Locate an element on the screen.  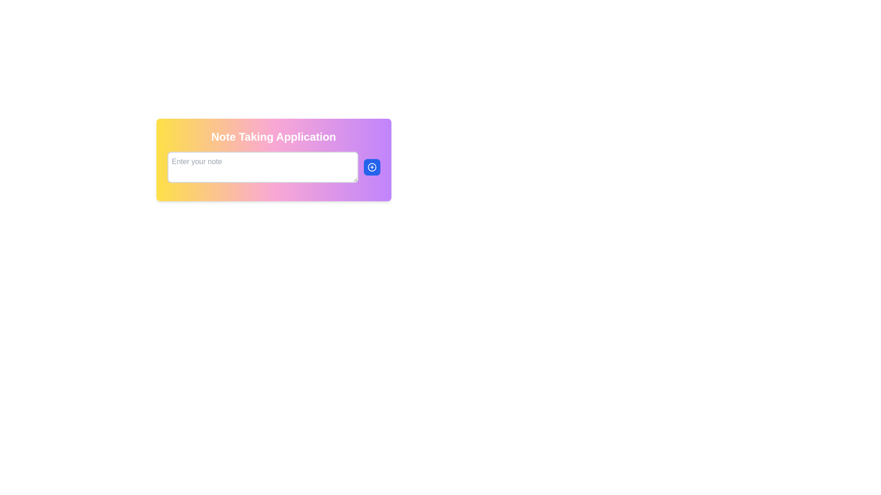
the circular outline of the '+' icon located inside the small blue button at the bottom-right corner of the colorful card interface is located at coordinates (372, 167).